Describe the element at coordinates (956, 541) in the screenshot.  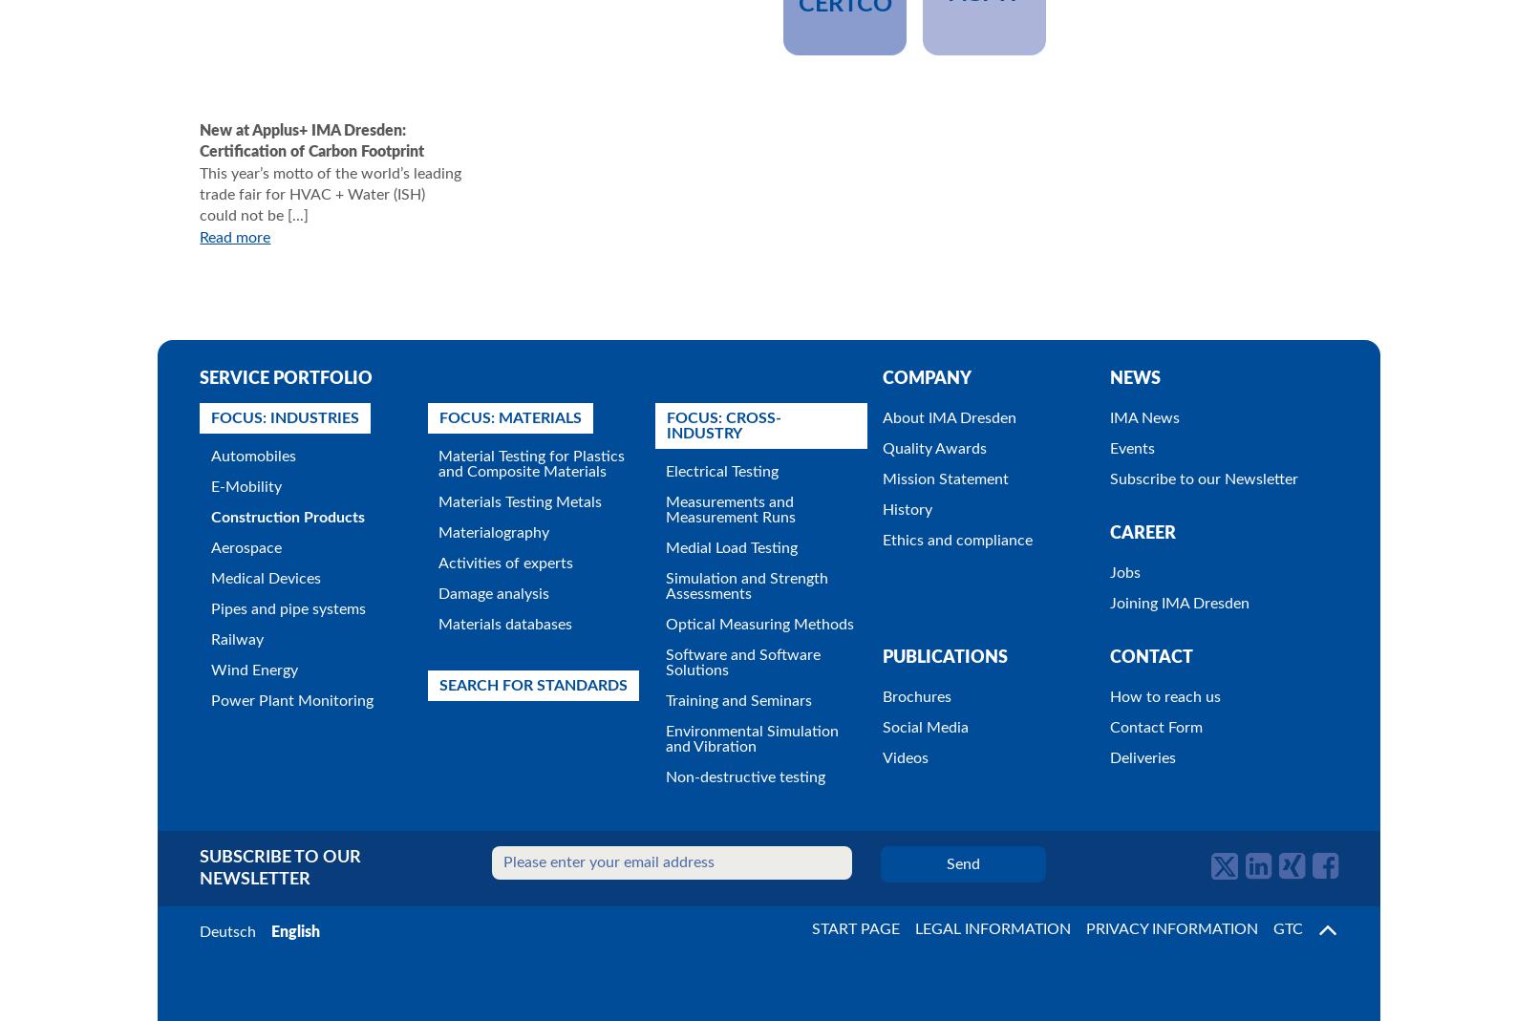
I see `'Ethics and compliance'` at that location.